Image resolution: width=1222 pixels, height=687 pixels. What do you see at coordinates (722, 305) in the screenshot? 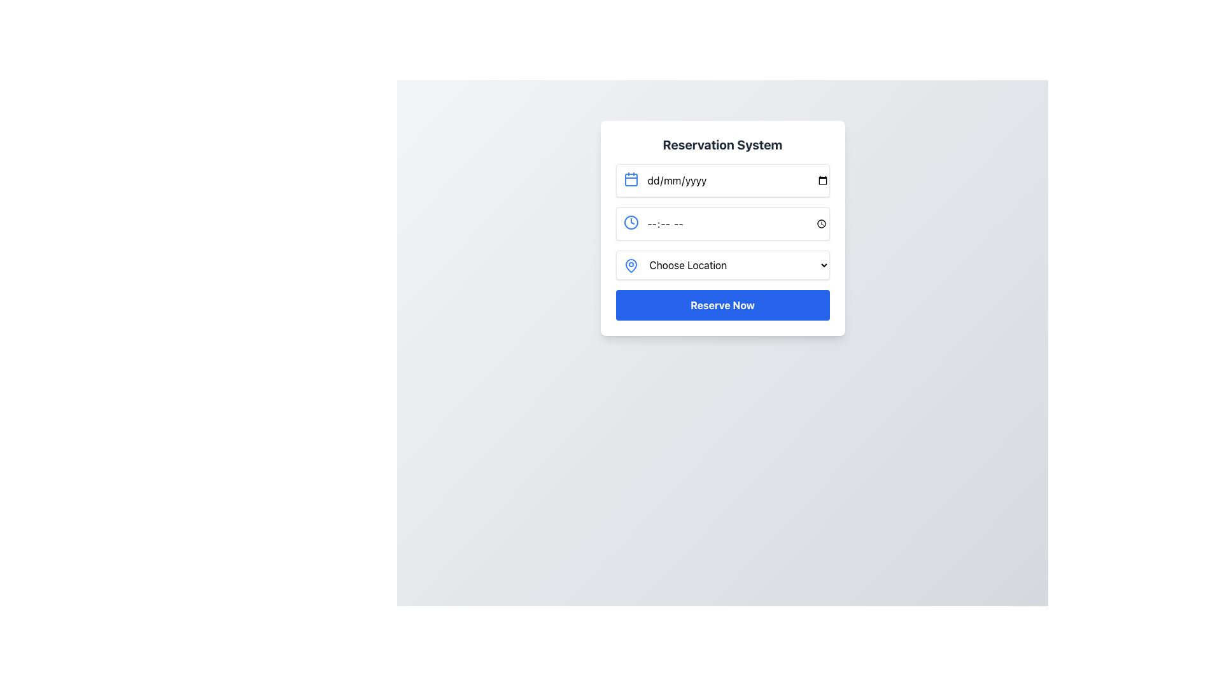
I see `the reservation finalization button` at bounding box center [722, 305].